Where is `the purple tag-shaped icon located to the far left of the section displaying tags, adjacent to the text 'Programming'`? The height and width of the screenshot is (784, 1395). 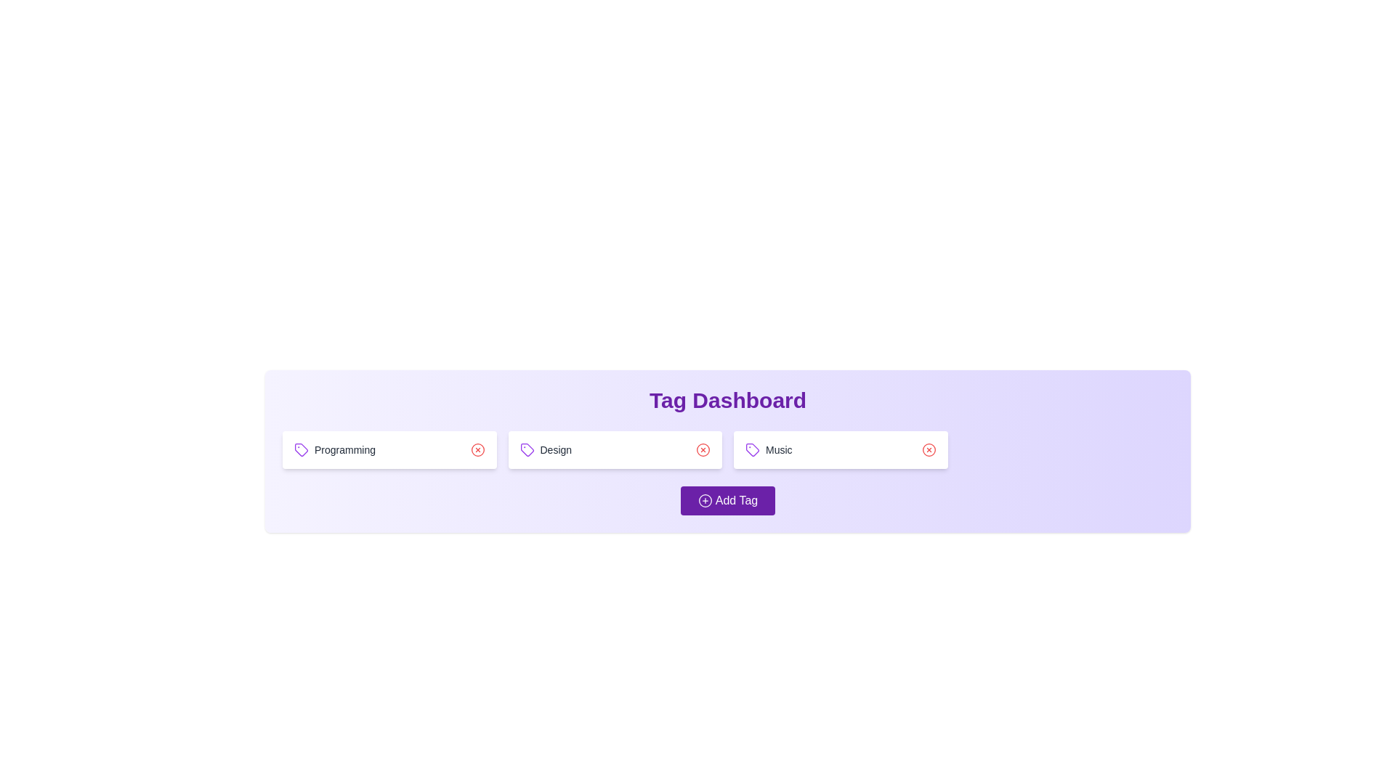 the purple tag-shaped icon located to the far left of the section displaying tags, adjacent to the text 'Programming' is located at coordinates (300, 449).